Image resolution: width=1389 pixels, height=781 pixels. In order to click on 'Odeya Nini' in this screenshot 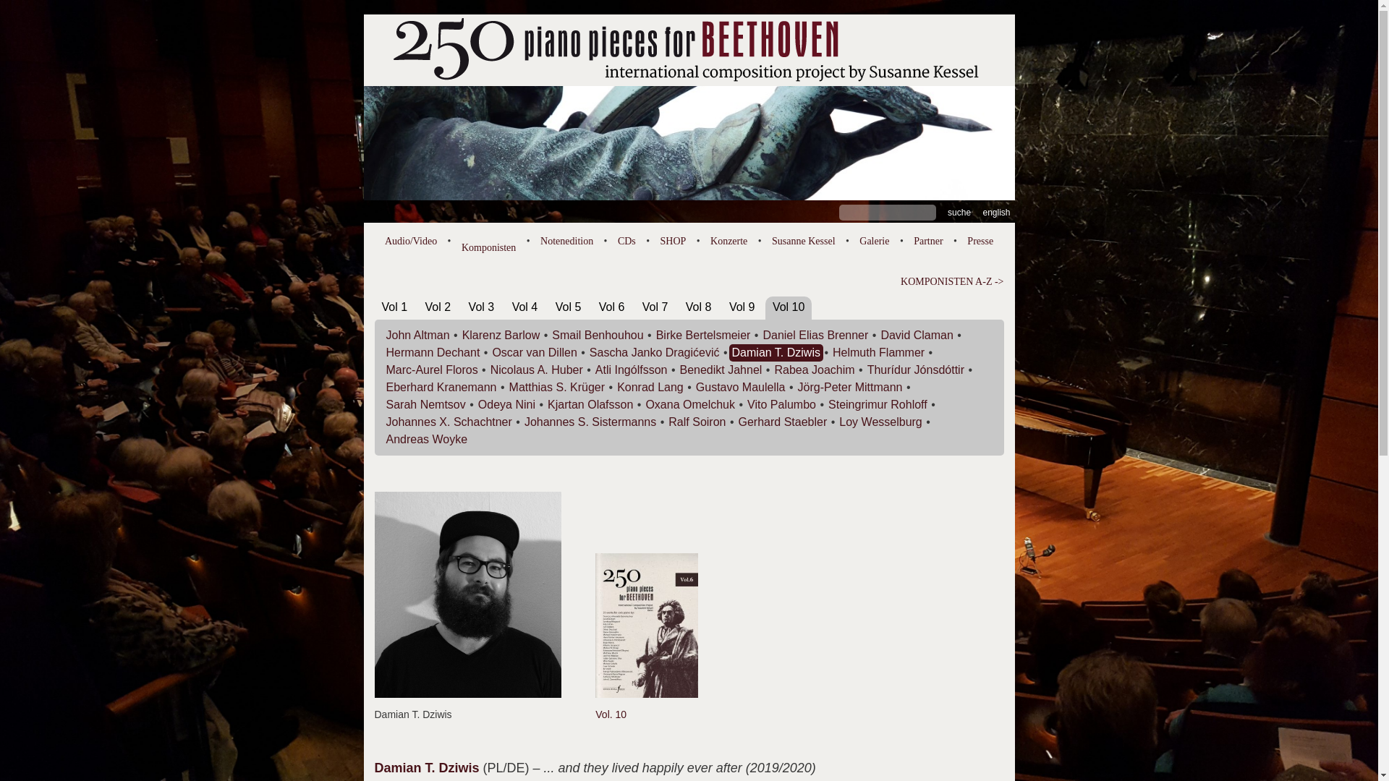, I will do `click(506, 404)`.